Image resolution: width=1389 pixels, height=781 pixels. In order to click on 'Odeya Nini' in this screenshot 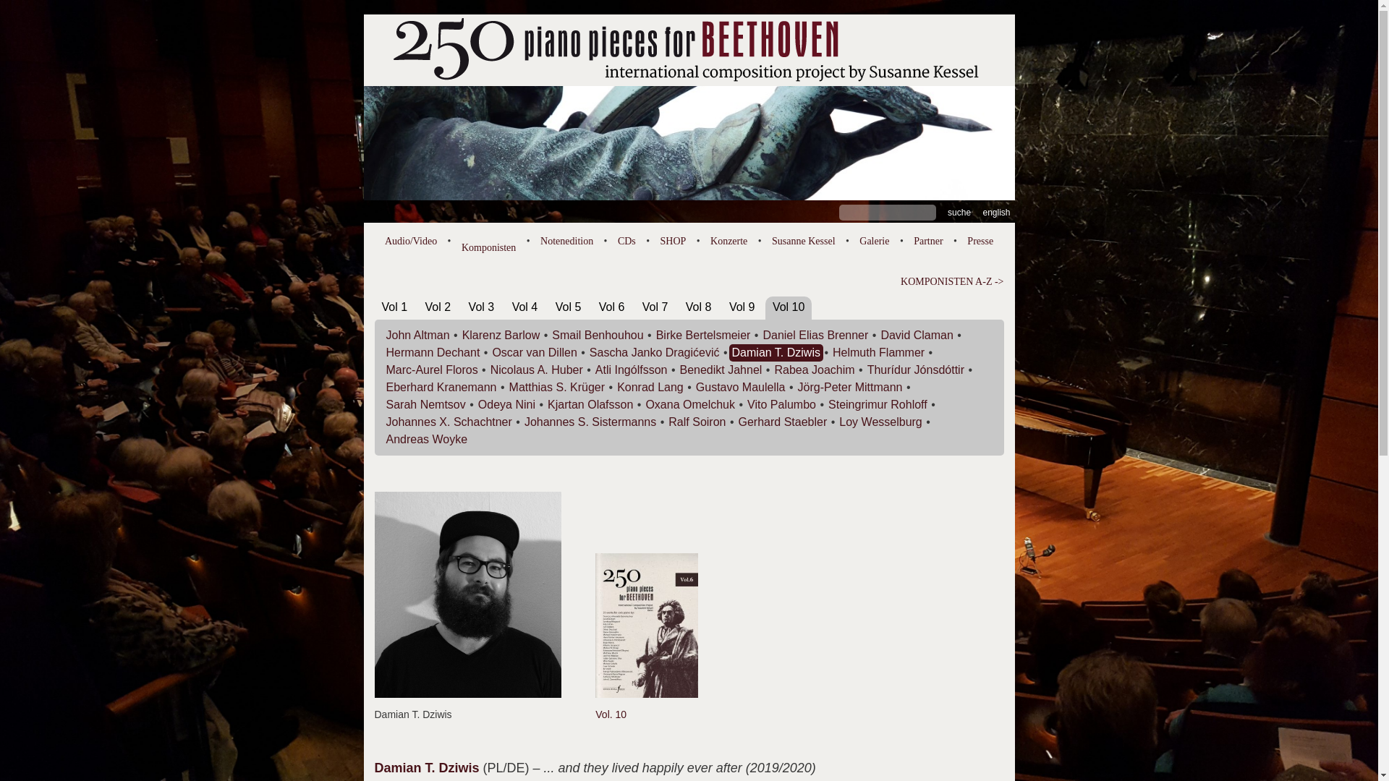, I will do `click(506, 404)`.